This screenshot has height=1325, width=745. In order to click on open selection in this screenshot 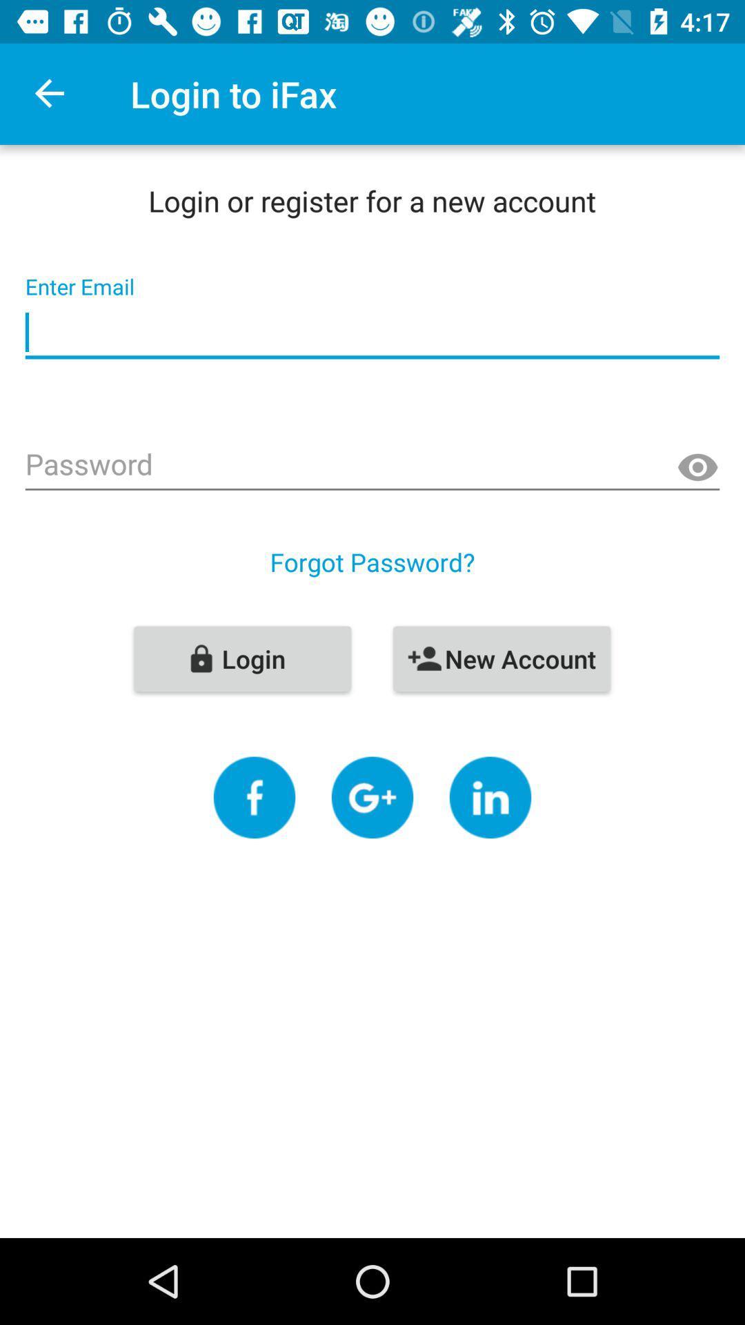, I will do `click(255, 797)`.